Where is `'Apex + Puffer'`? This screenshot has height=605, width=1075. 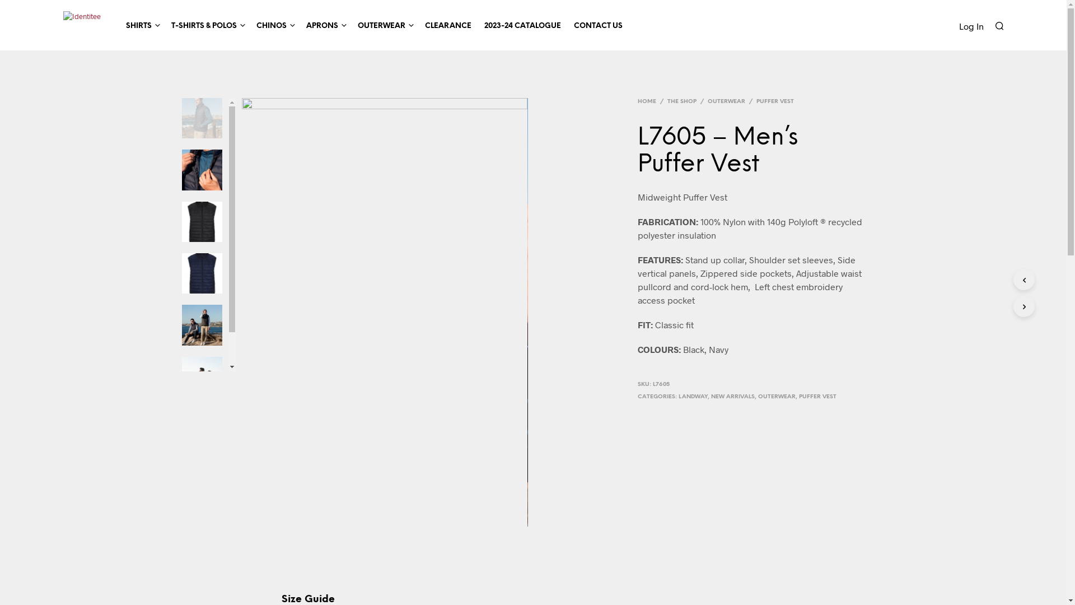 'Apex + Puffer' is located at coordinates (384, 312).